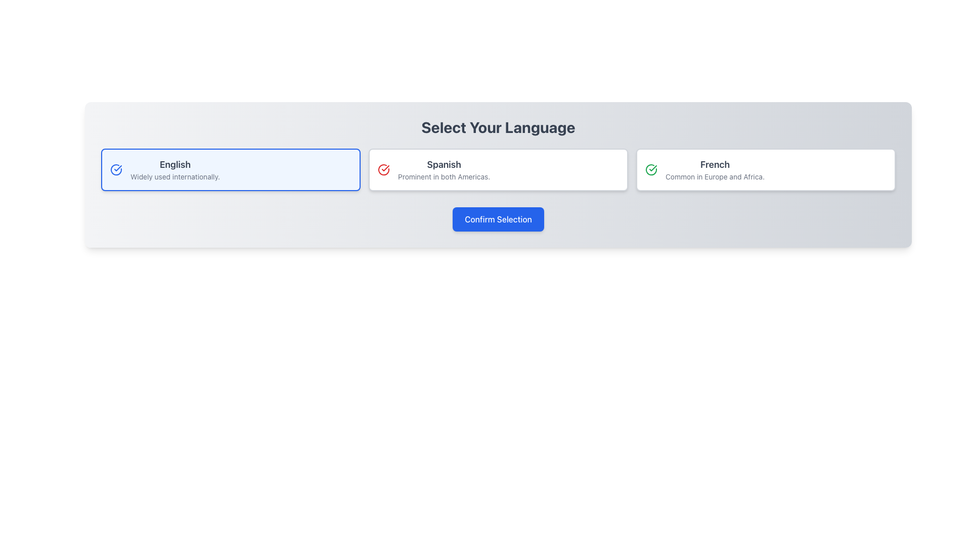 This screenshot has width=971, height=546. I want to click on the checkmark icon that indicates the 'English' option is selected, which is part of a circular SVG graphic positioned within the blue-highlighted option, so click(118, 167).